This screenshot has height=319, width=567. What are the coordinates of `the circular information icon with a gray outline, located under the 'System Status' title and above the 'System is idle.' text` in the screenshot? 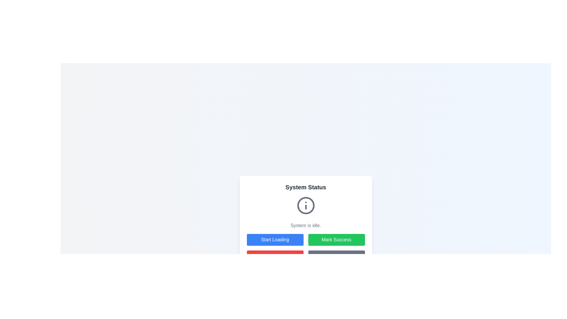 It's located at (306, 205).